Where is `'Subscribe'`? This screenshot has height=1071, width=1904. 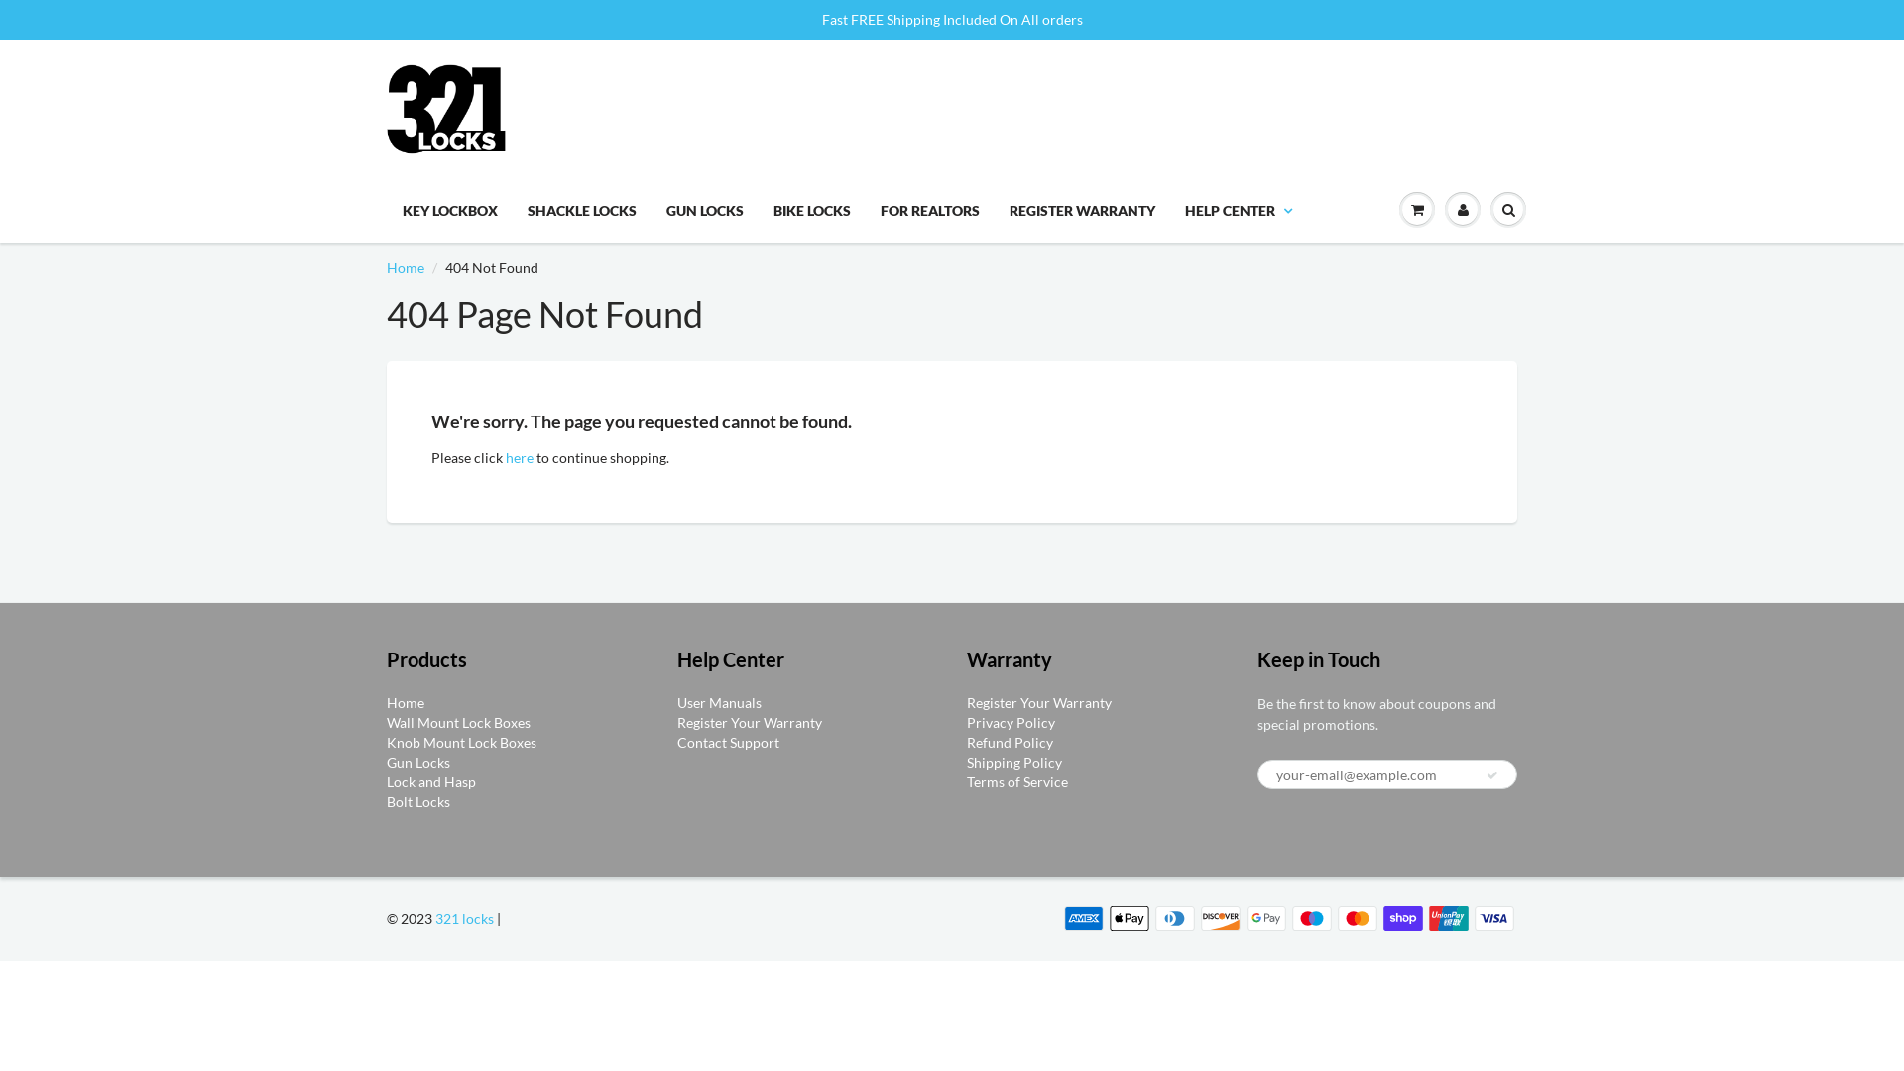
'Subscribe' is located at coordinates (1485, 774).